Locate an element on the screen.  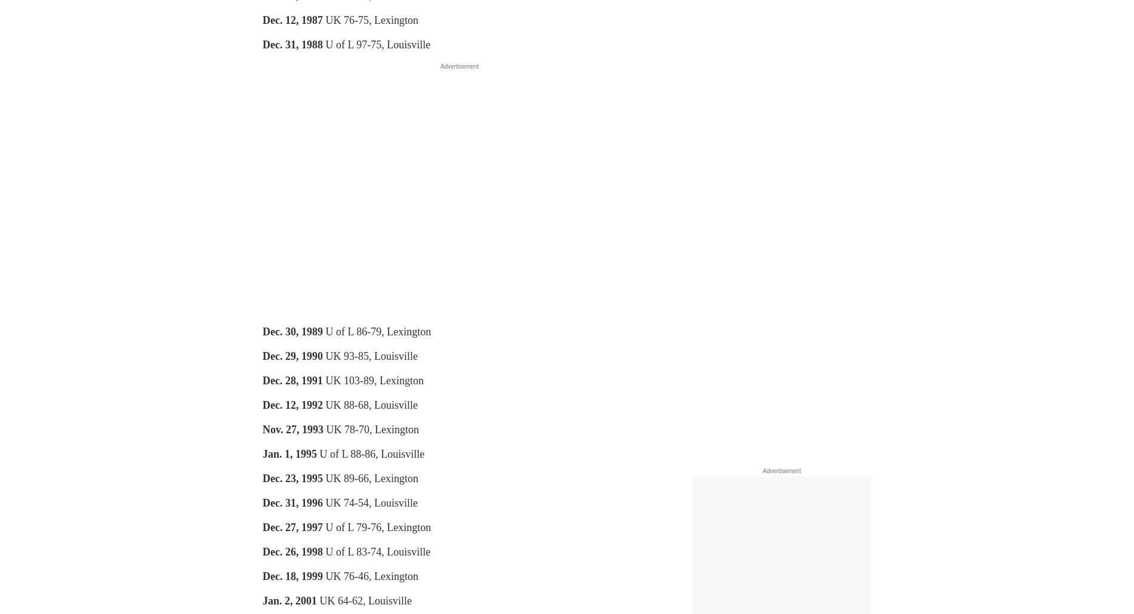
'U of L 79-76, Lexington' is located at coordinates (376, 527).